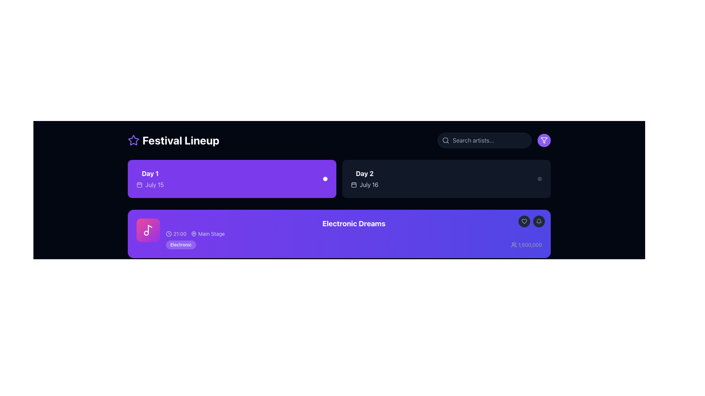 The height and width of the screenshot is (396, 705). I want to click on the funnel-shaped icon button with a violet circular background located in the top-right corner of the interface, so click(544, 140).